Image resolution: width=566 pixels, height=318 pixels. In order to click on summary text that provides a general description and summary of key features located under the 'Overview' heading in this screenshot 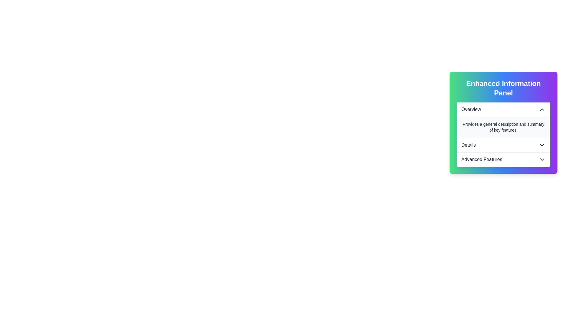, I will do `click(503, 120)`.